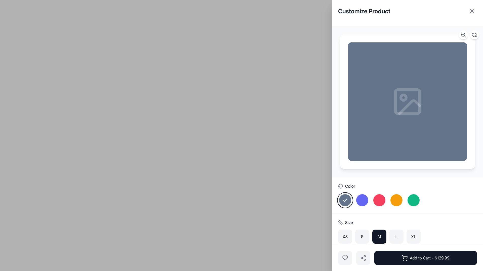 The height and width of the screenshot is (271, 483). What do you see at coordinates (362, 236) in the screenshot?
I see `the square button with rounded edges displaying the letter 'S'` at bounding box center [362, 236].